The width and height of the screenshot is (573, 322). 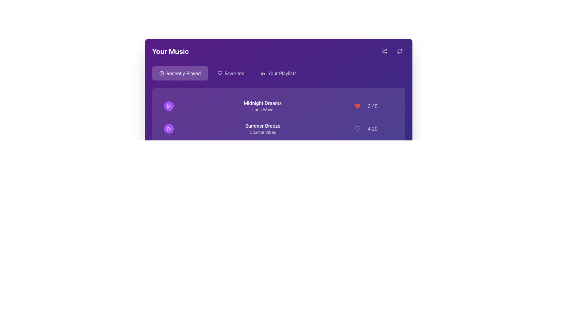 I want to click on the button with three vertically aligned dots located at the rightmost side of the 'Midnight Dreams - Luna Wave' music item row, so click(x=388, y=106).